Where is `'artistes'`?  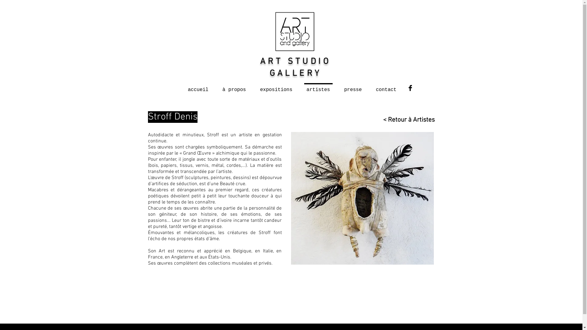
'artistes' is located at coordinates (299, 87).